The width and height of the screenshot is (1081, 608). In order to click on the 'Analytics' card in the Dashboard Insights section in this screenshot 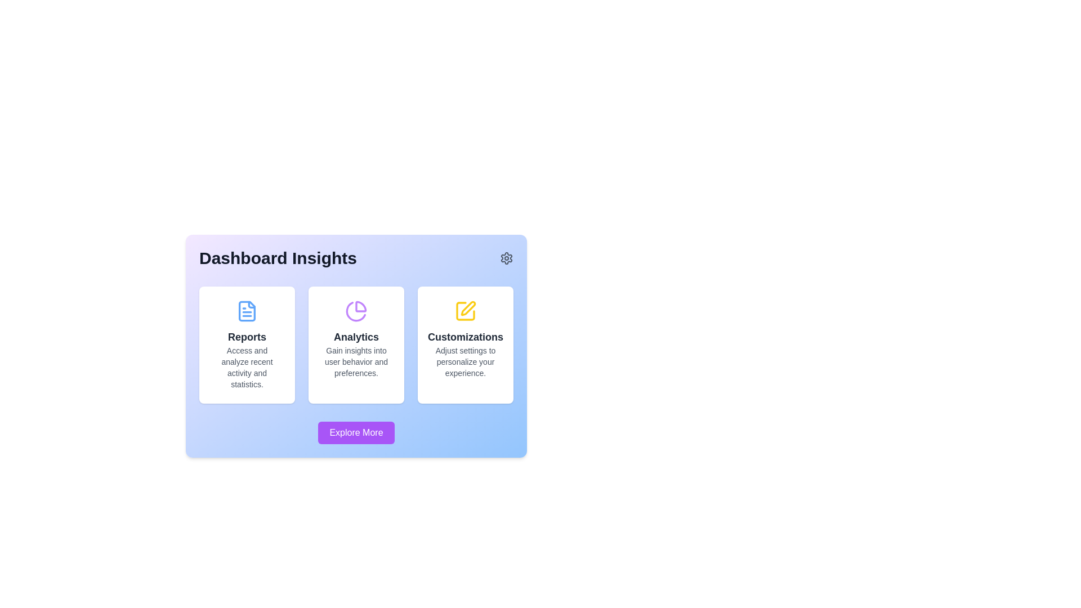, I will do `click(356, 345)`.